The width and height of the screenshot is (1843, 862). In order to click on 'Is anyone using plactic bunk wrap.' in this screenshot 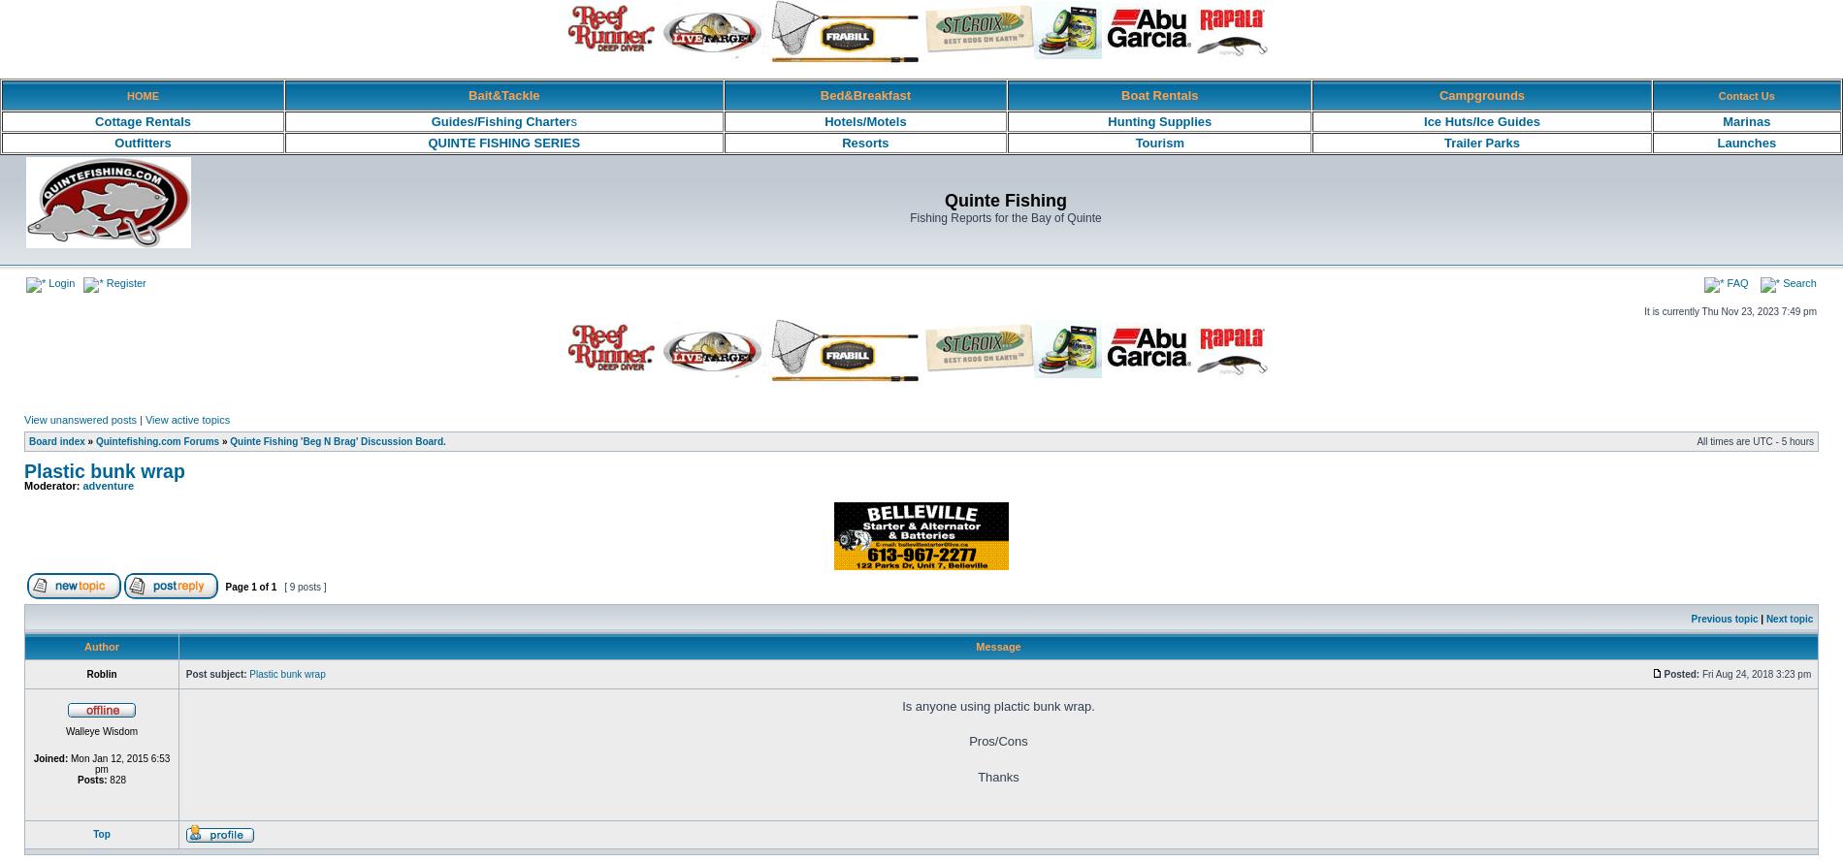, I will do `click(998, 705)`.